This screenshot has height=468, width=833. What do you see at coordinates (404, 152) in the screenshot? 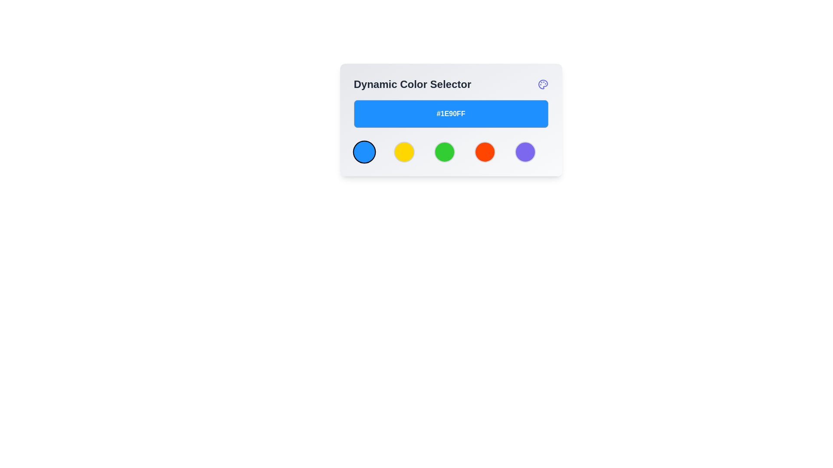
I see `the second circular button with a yellow fill and gray border, which is located between a blue button and a green button` at bounding box center [404, 152].